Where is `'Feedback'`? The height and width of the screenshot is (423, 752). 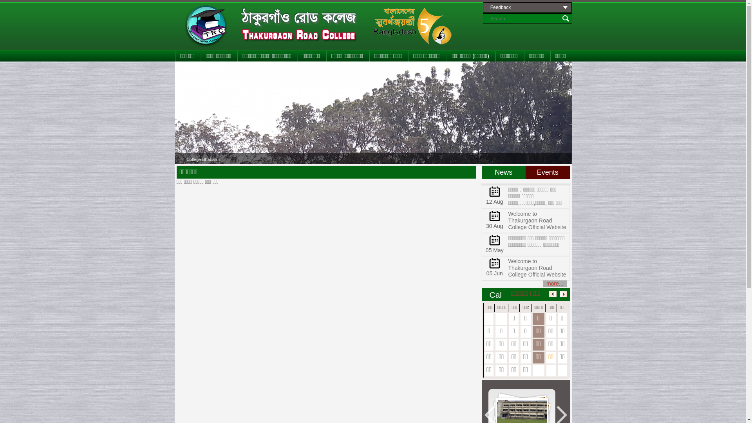
'Feedback' is located at coordinates (527, 7).